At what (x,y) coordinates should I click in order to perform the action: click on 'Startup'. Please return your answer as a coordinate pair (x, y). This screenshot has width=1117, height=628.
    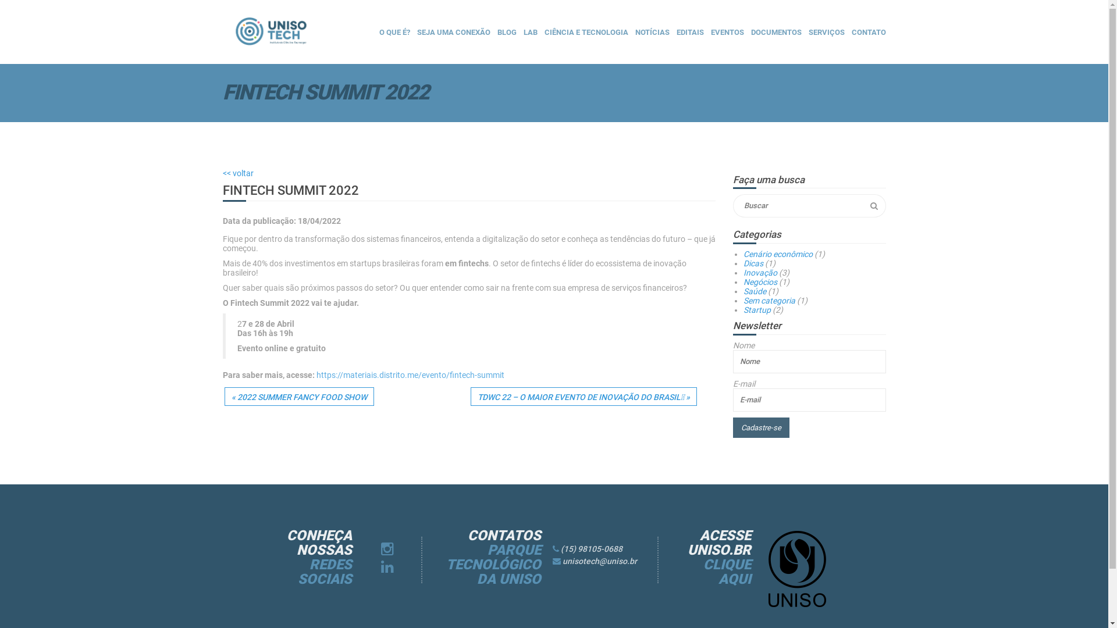
    Looking at the image, I should click on (757, 309).